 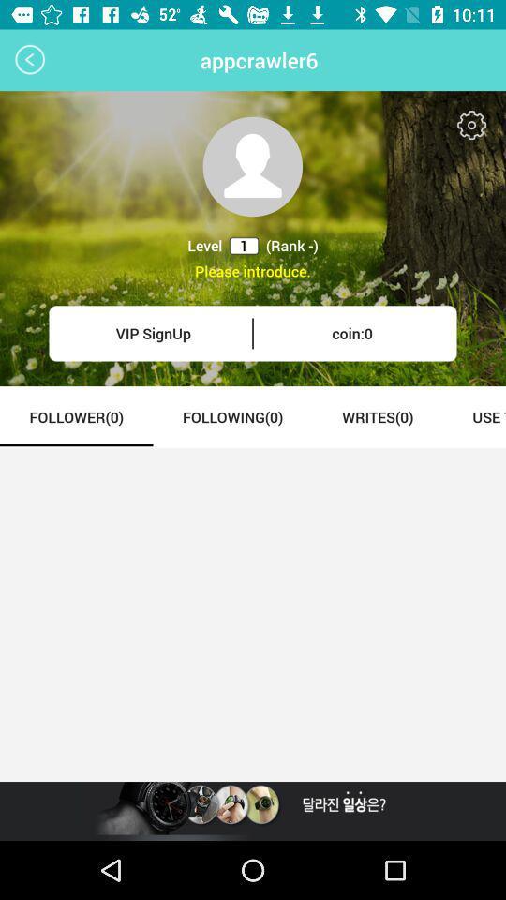 I want to click on the icon to the left of the use theme(0) app, so click(x=378, y=416).